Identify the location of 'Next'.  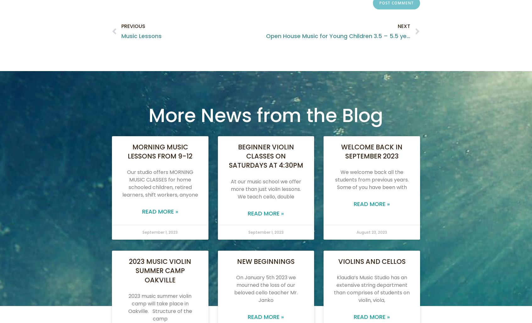
(404, 26).